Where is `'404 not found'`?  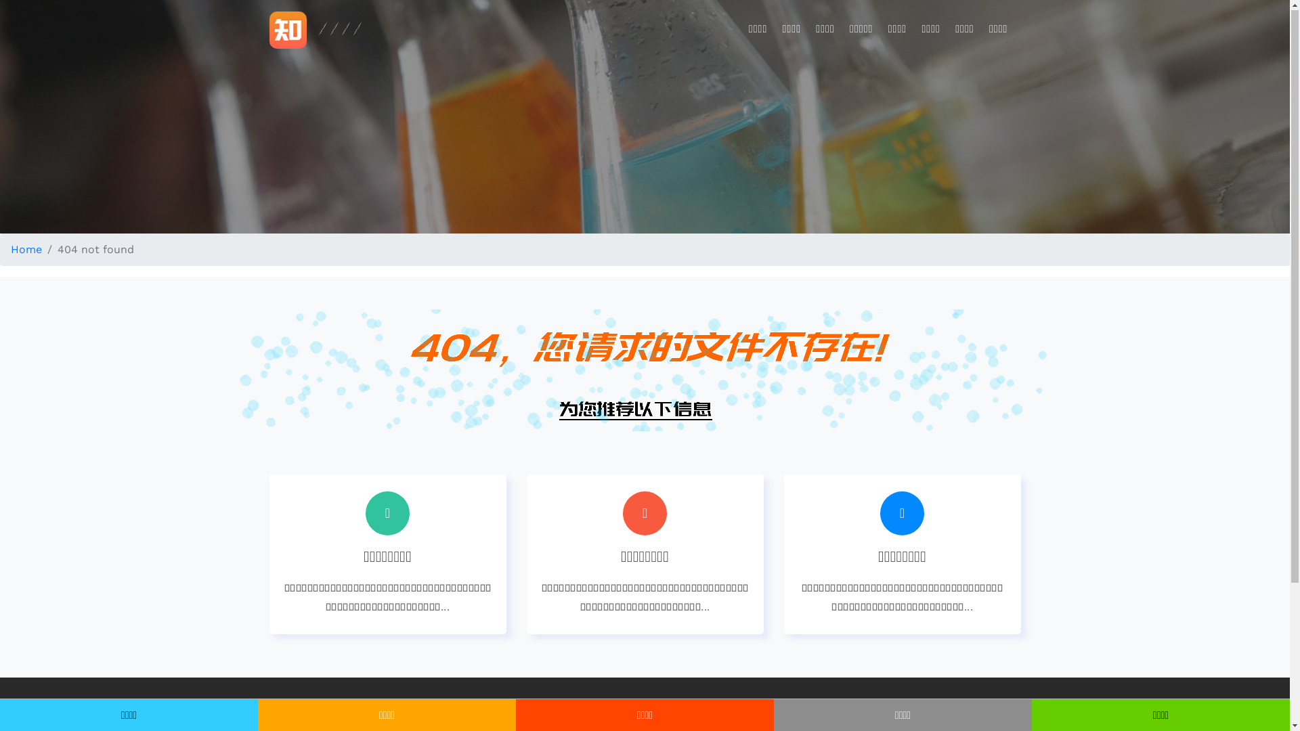
'404 not found' is located at coordinates (643, 370).